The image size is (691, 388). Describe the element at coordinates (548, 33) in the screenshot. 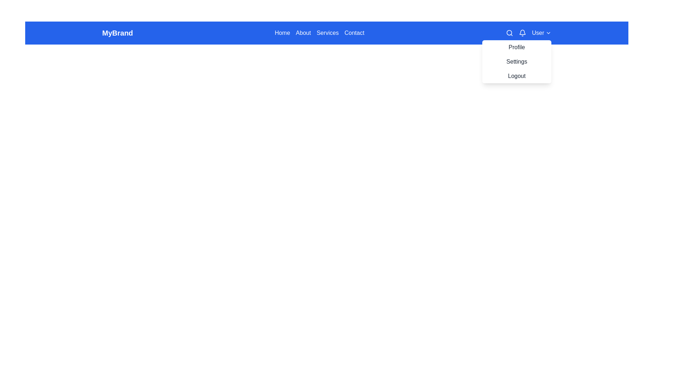

I see `the downward-pointing chevron icon located to the right of the text 'User' in the top navigation bar` at that location.